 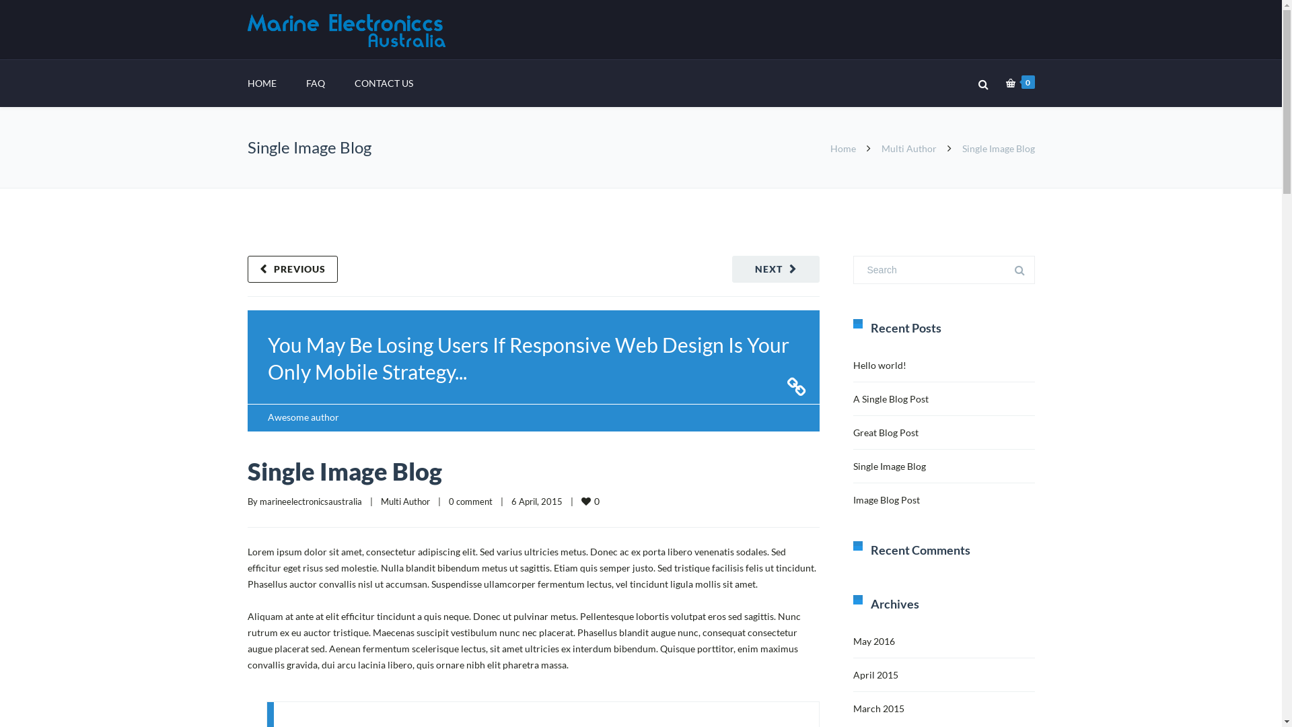 I want to click on 'Image Blog Post', so click(x=886, y=499).